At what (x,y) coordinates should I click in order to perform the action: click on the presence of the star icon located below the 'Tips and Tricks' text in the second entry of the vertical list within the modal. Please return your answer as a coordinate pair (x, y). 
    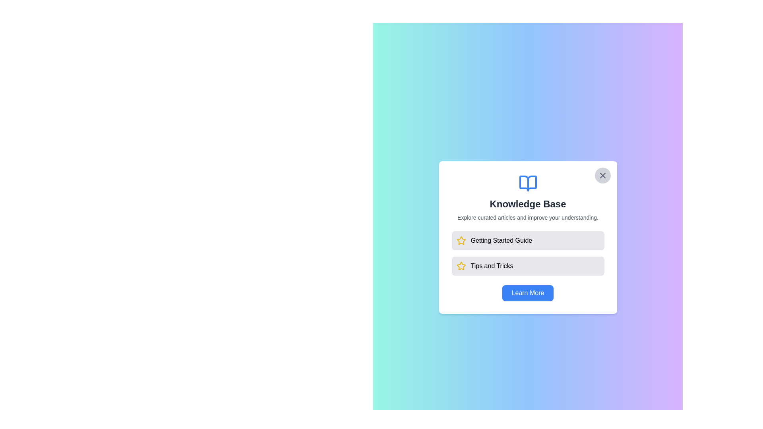
    Looking at the image, I should click on (461, 240).